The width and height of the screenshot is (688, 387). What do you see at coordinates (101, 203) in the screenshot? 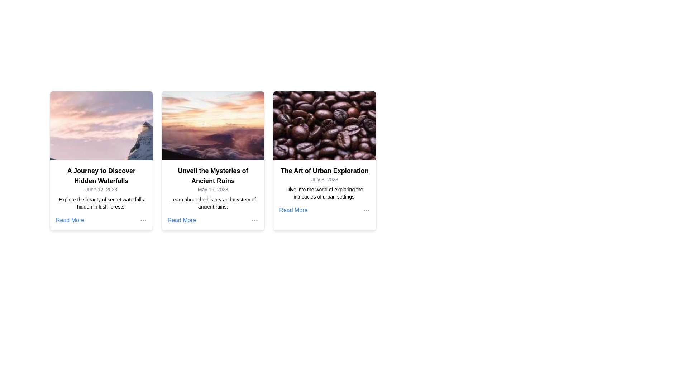
I see `the text block containing the words 'Explore the beauty of secret waterfalls hidden in lush forests.', which is styled with a small text size and positioned below the main heading within the card` at bounding box center [101, 203].